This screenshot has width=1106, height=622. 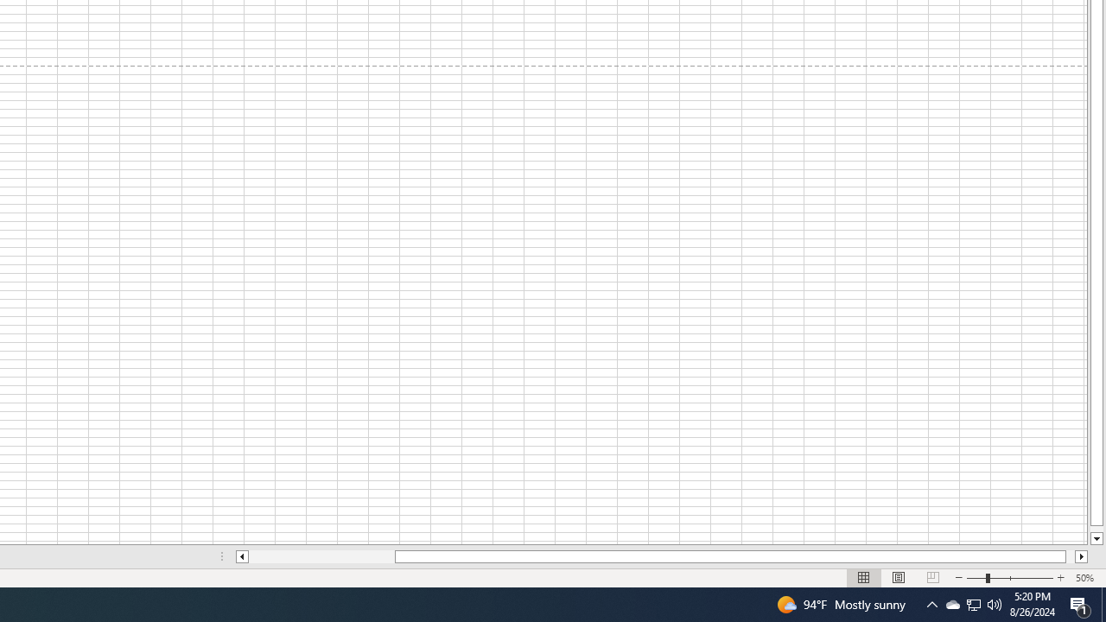 I want to click on 'Normal', so click(x=864, y=578).